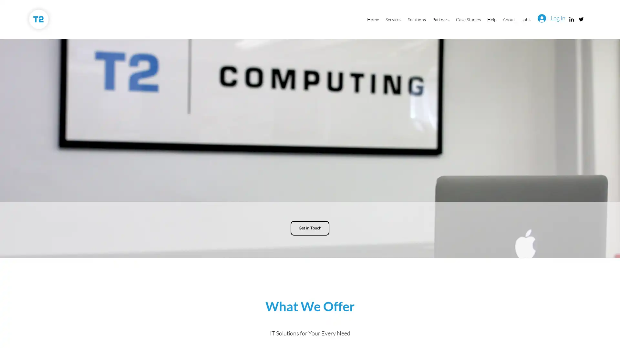 Image resolution: width=620 pixels, height=348 pixels. What do you see at coordinates (551, 18) in the screenshot?
I see `Log In` at bounding box center [551, 18].